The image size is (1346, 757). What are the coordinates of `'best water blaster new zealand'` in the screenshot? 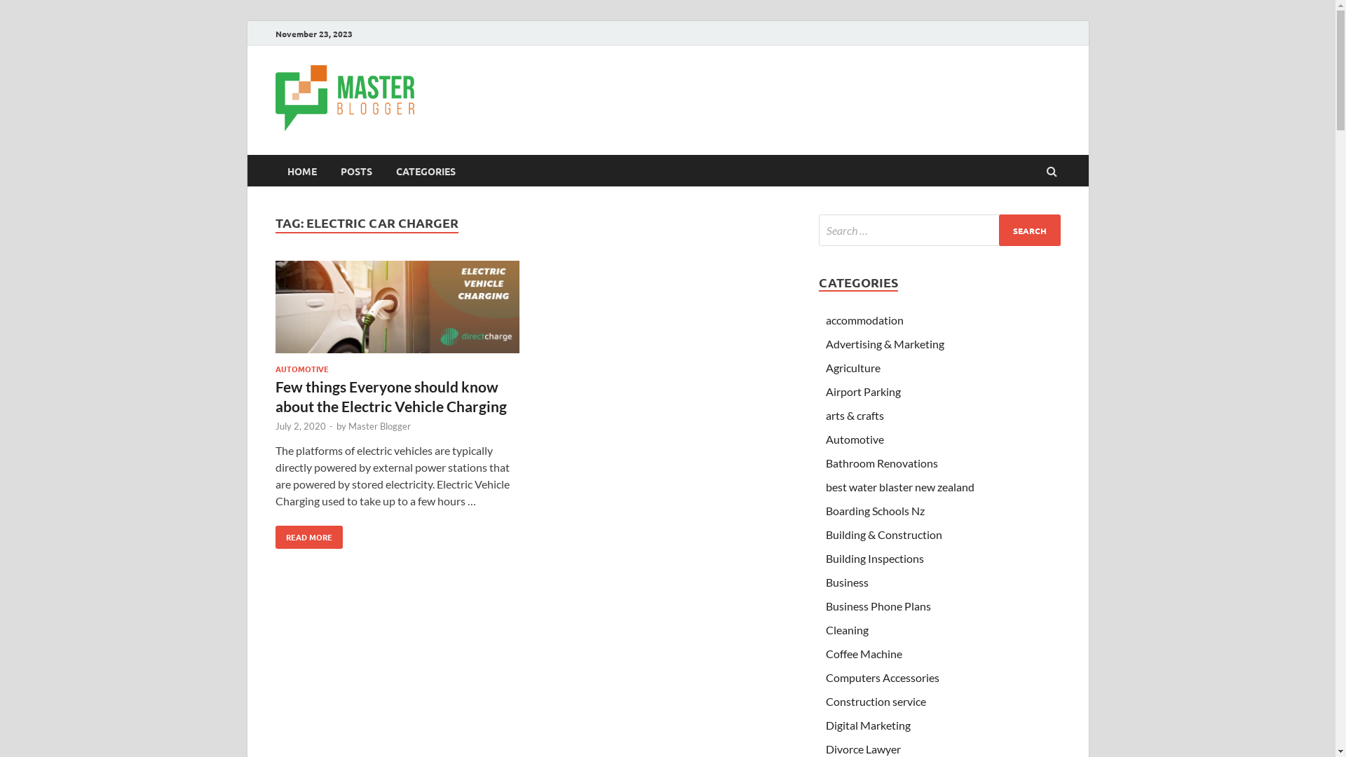 It's located at (899, 486).